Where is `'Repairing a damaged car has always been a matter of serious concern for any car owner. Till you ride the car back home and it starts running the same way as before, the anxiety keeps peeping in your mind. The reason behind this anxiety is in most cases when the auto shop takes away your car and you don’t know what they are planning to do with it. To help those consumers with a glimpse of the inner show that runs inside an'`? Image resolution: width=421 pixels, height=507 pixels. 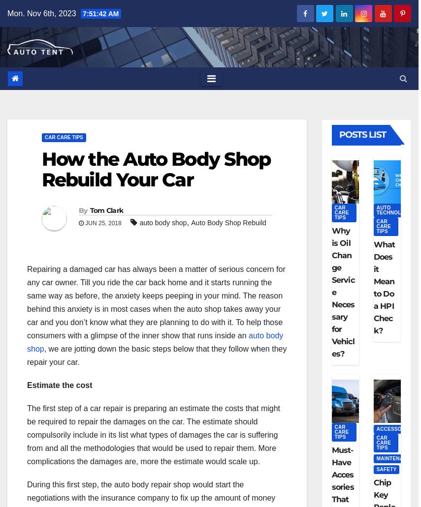 'Repairing a damaged car has always been a matter of serious concern for any car owner. Till you ride the car back home and it starts running the same way as before, the anxiety keeps peeping in your mind. The reason behind this anxiety is in most cases when the auto shop takes away your car and you don’t know what they are planning to do with it. To help those consumers with a glimpse of the inner show that runs inside an' is located at coordinates (156, 301).